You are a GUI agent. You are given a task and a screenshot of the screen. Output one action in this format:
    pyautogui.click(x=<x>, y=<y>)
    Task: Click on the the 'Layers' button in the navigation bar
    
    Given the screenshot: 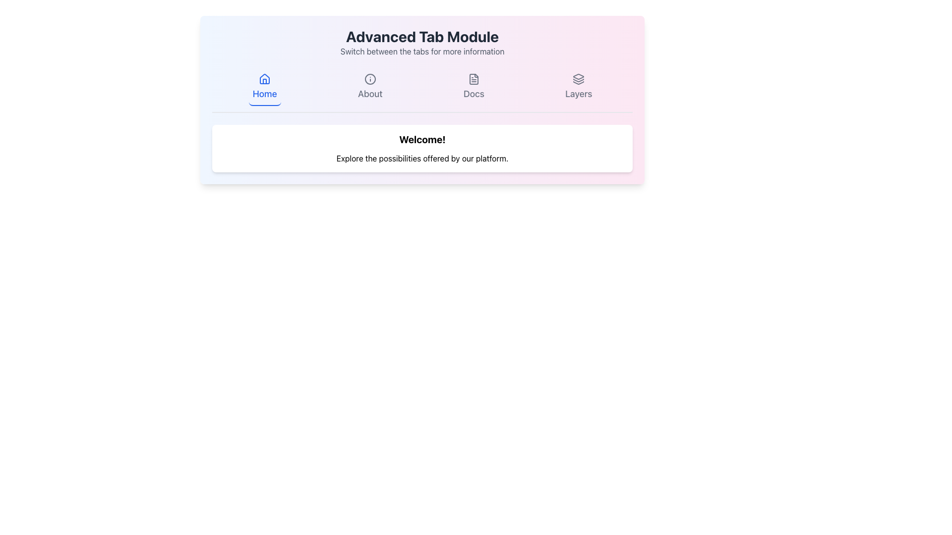 What is the action you would take?
    pyautogui.click(x=579, y=87)
    